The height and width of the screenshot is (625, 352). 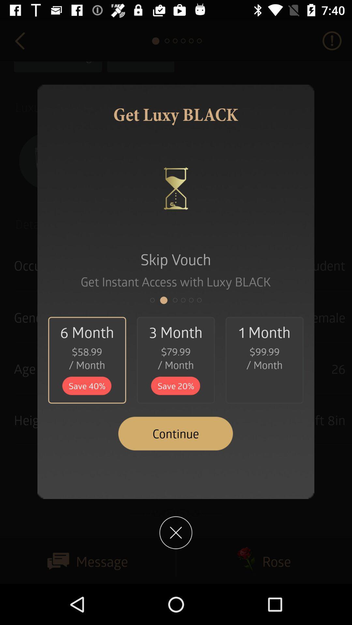 I want to click on the window, so click(x=175, y=533).